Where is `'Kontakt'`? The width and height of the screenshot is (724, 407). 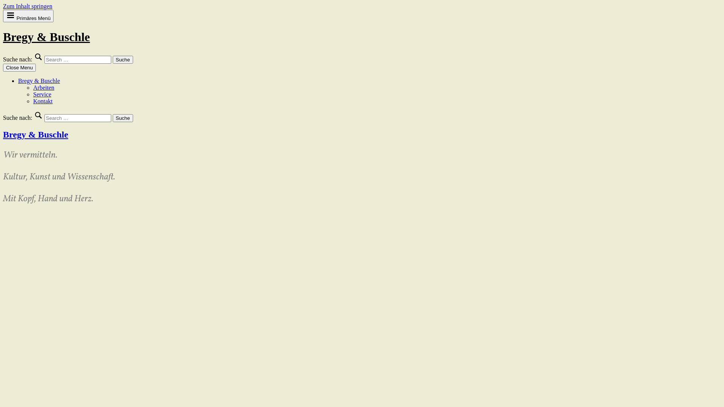 'Kontakt' is located at coordinates (43, 101).